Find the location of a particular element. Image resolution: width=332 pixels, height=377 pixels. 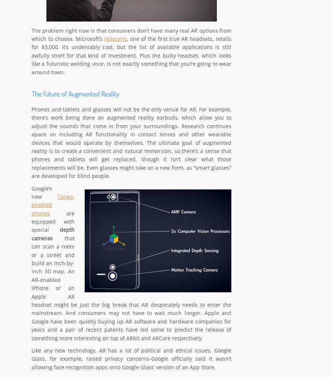

'The future of Augmented Reality' is located at coordinates (75, 94).